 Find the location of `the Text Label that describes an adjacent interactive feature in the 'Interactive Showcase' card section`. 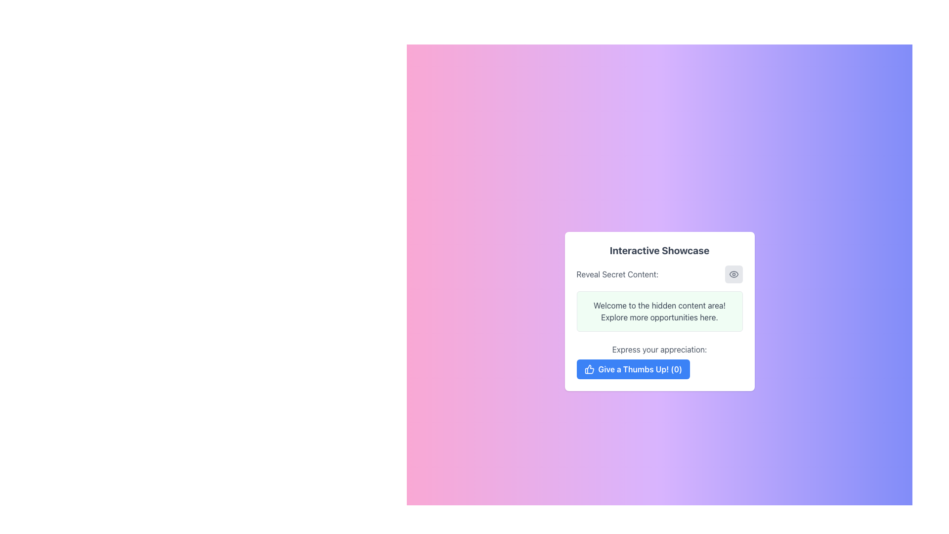

the Text Label that describes an adjacent interactive feature in the 'Interactive Showcase' card section is located at coordinates (617, 274).